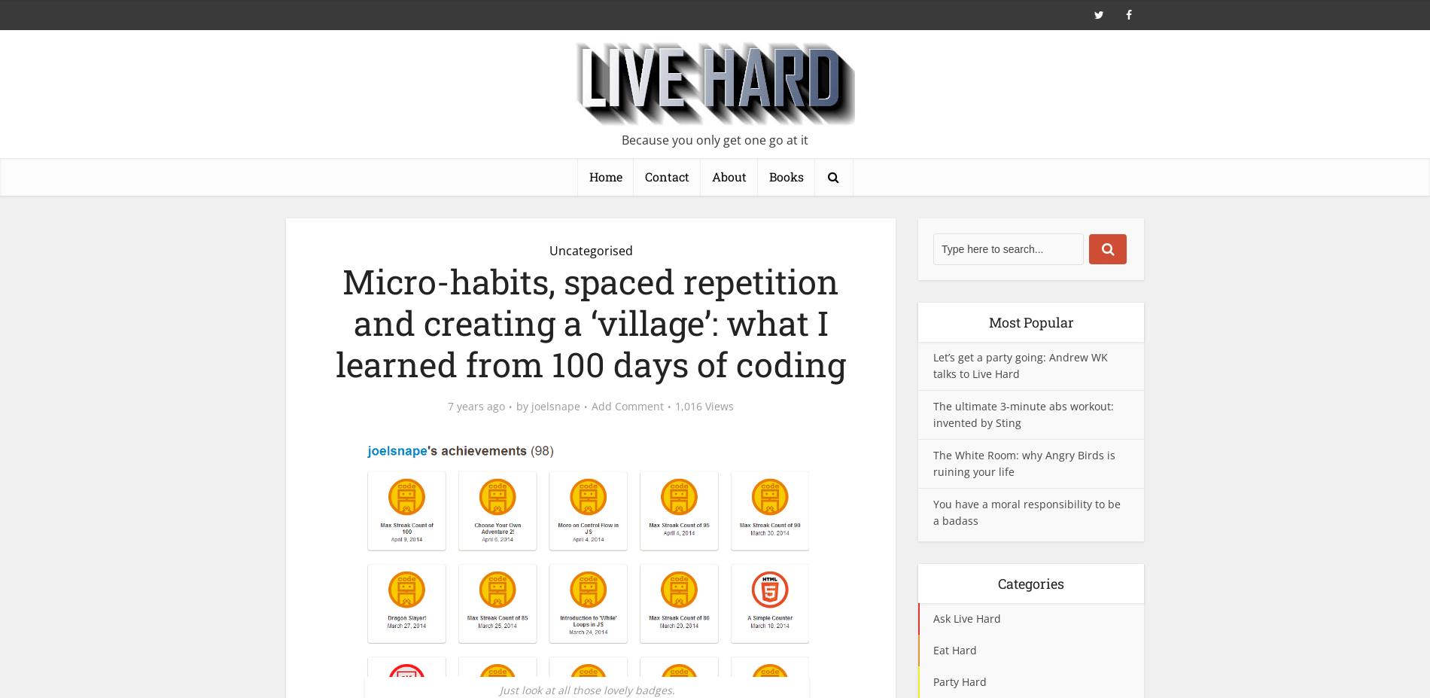 This screenshot has height=698, width=1430. Describe the element at coordinates (1020, 365) in the screenshot. I see `'Let’s get a party going: Andrew WK talks to Live Hard'` at that location.